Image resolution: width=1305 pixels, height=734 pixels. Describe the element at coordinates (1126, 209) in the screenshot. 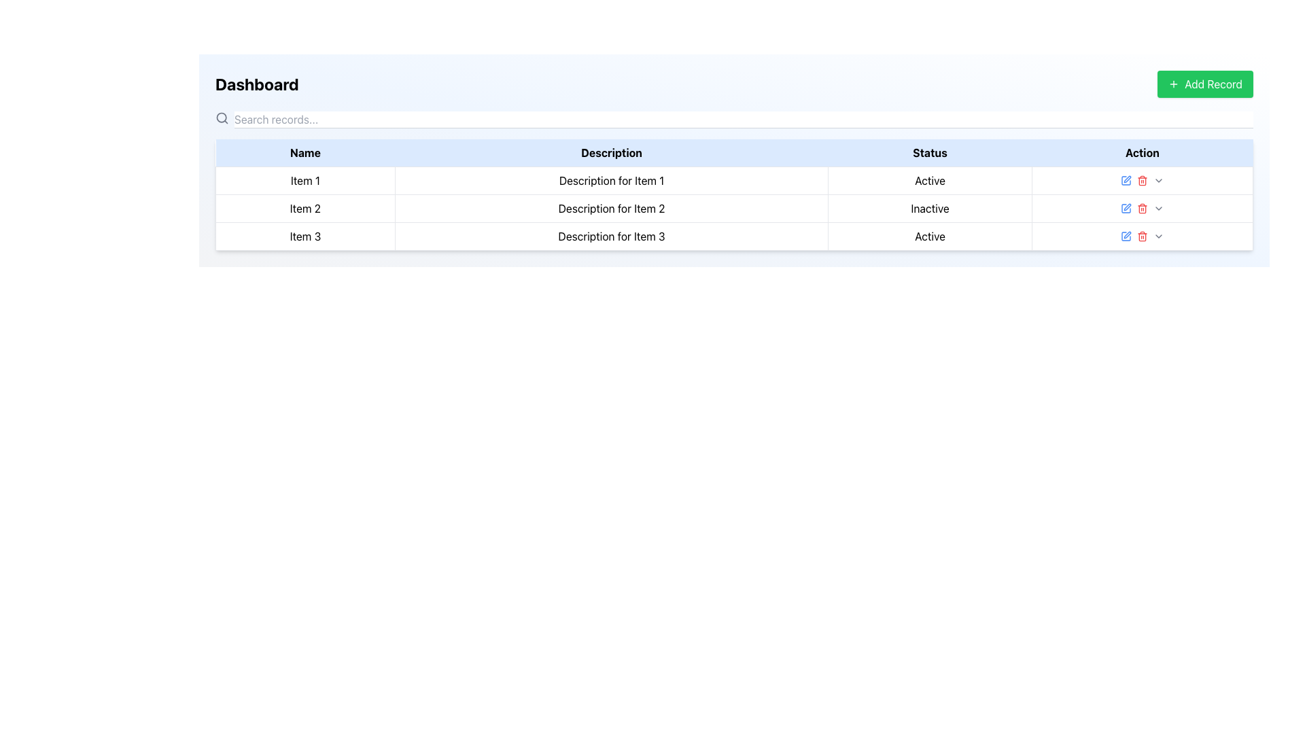

I see `the icon representing document functionality located in the 'Action' column for the second row of the table` at that location.